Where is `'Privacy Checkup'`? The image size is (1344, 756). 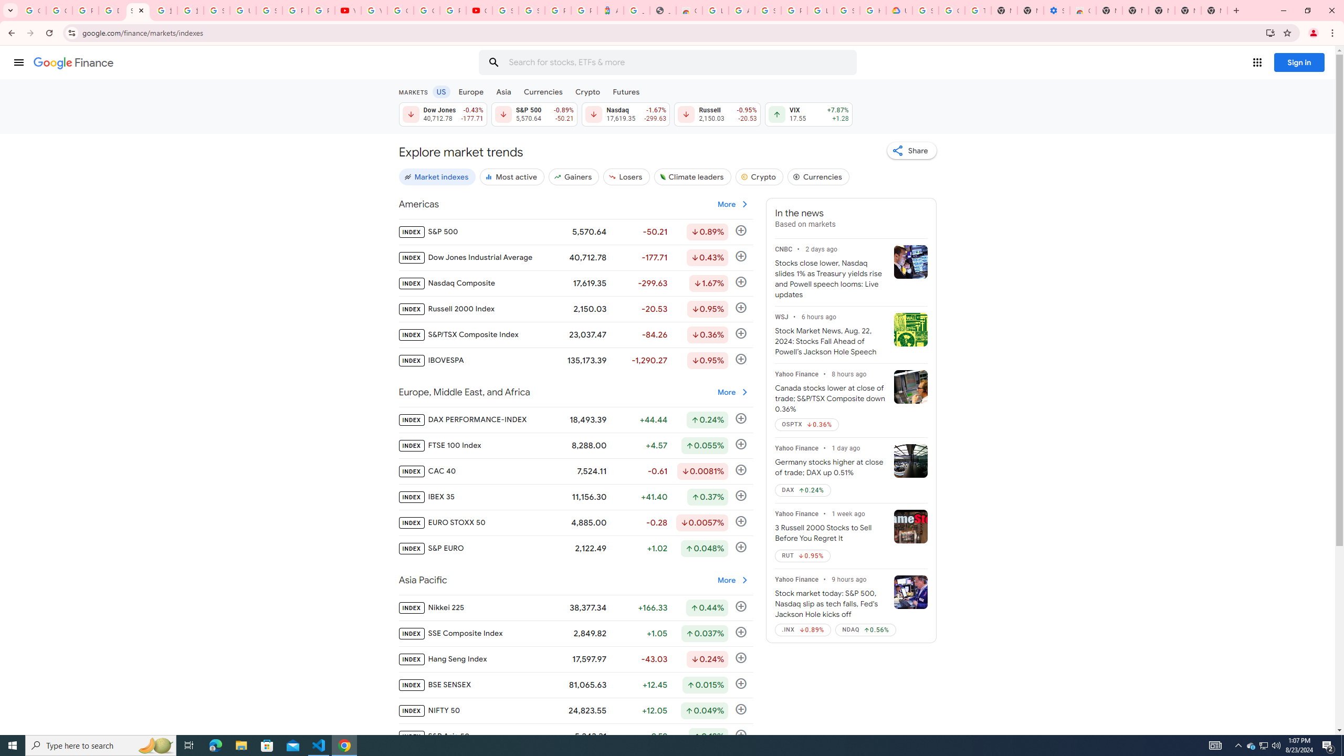
'Privacy Checkup' is located at coordinates (321, 10).